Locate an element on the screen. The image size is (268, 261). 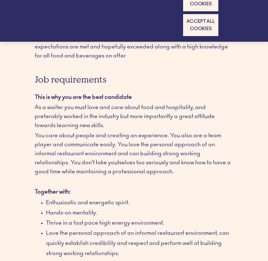
'Job requirements' is located at coordinates (70, 79).